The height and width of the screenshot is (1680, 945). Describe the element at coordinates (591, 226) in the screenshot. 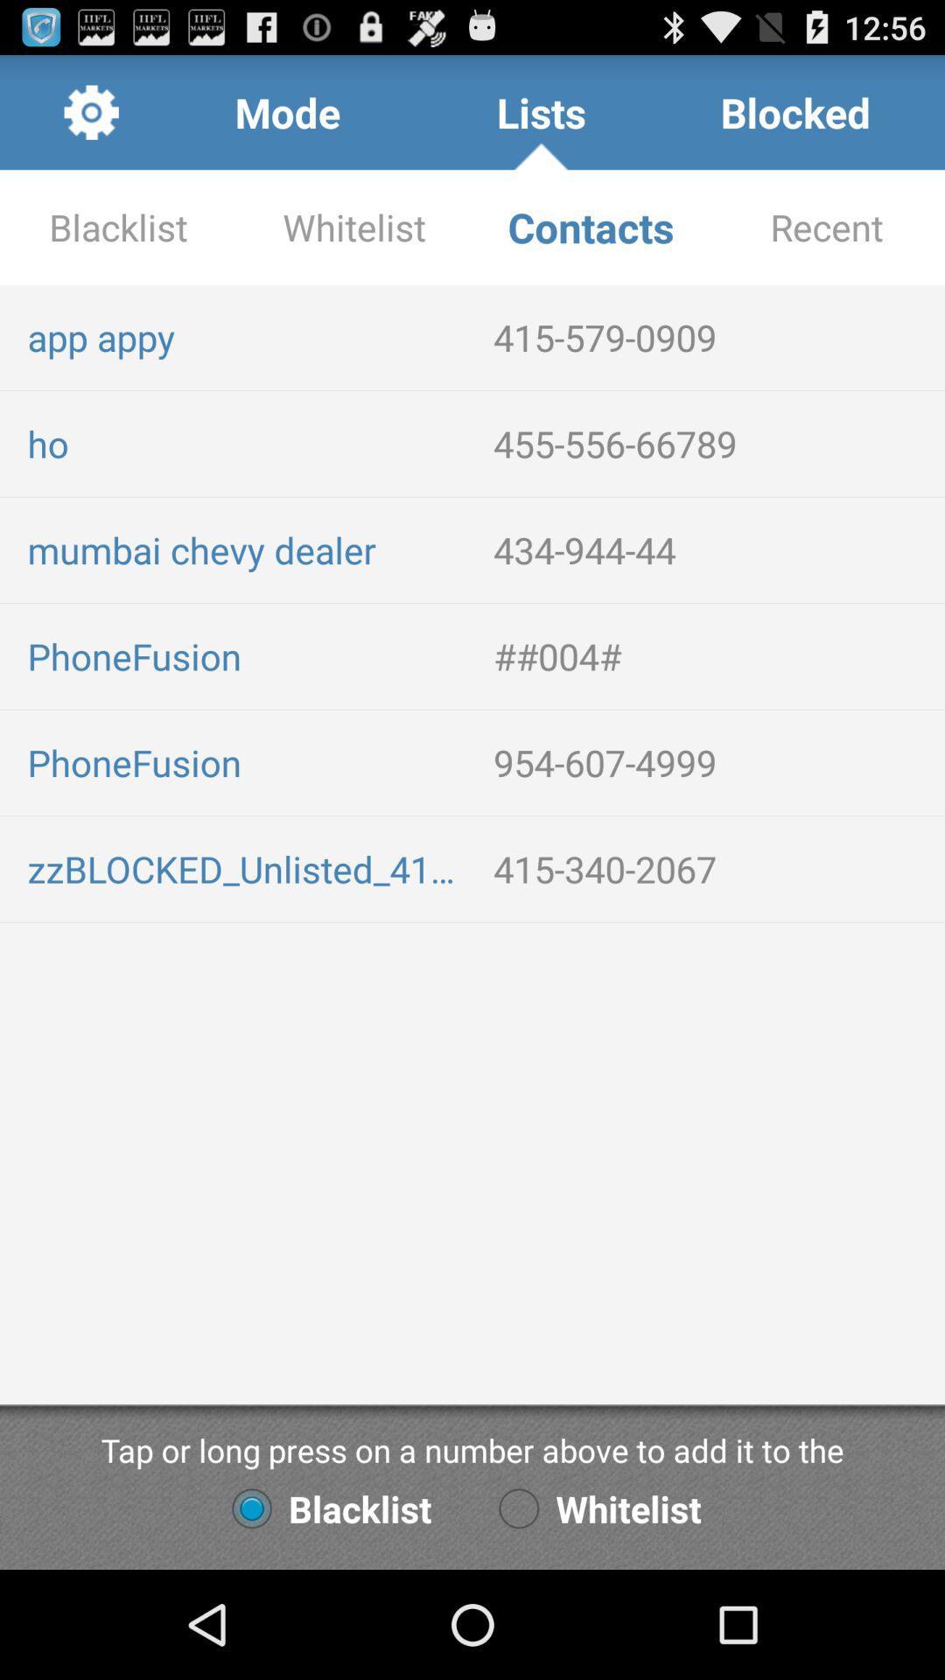

I see `item below the lists app` at that location.